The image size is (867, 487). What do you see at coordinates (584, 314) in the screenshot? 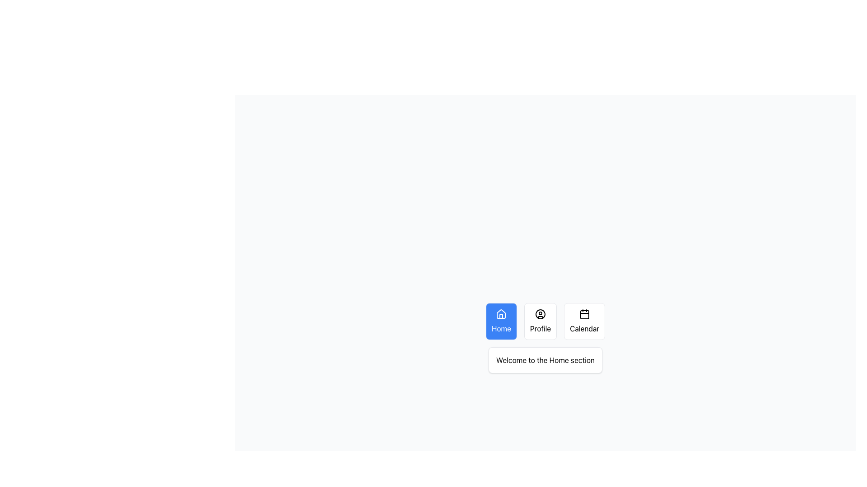
I see `the small square with rounded corners inside the calendar icon, which is part of the 'Calendar' menu item located at the bottom right of the page` at bounding box center [584, 314].